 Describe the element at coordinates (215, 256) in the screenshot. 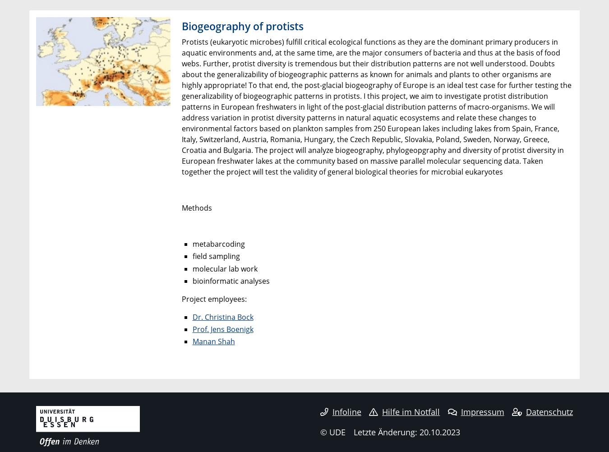

I see `'field sampling'` at that location.